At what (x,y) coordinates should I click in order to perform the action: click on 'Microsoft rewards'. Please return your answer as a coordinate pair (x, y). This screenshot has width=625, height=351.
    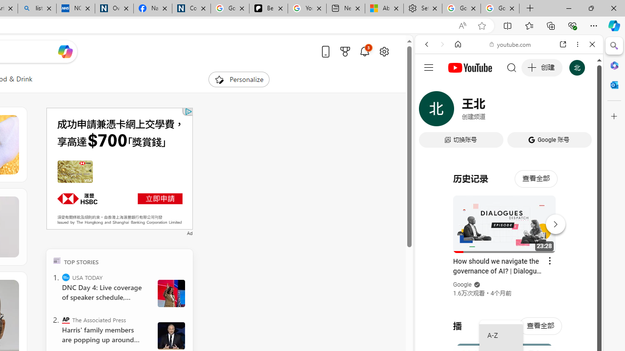
    Looking at the image, I should click on (345, 51).